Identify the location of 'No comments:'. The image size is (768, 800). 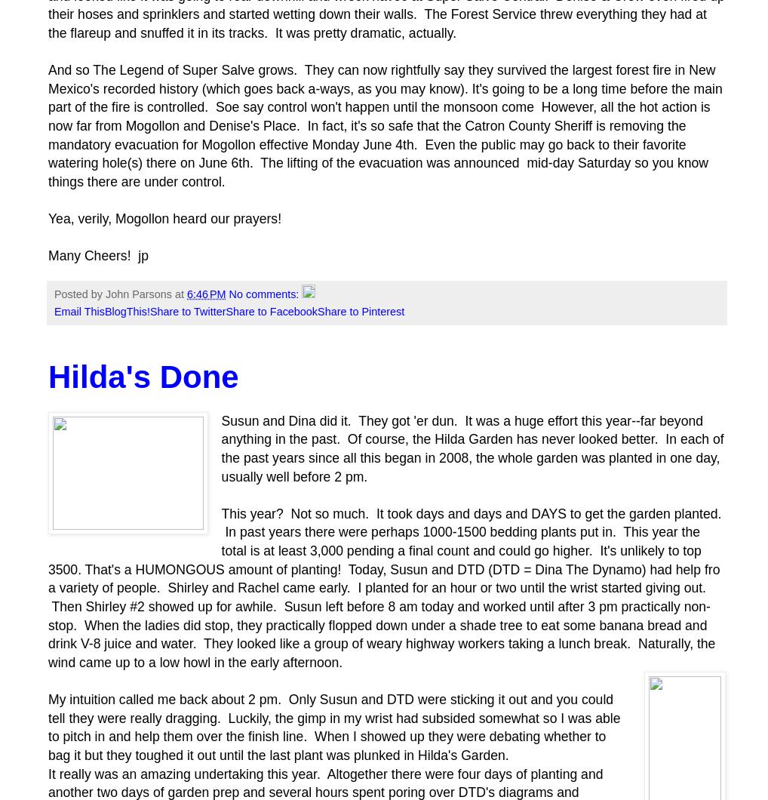
(264, 294).